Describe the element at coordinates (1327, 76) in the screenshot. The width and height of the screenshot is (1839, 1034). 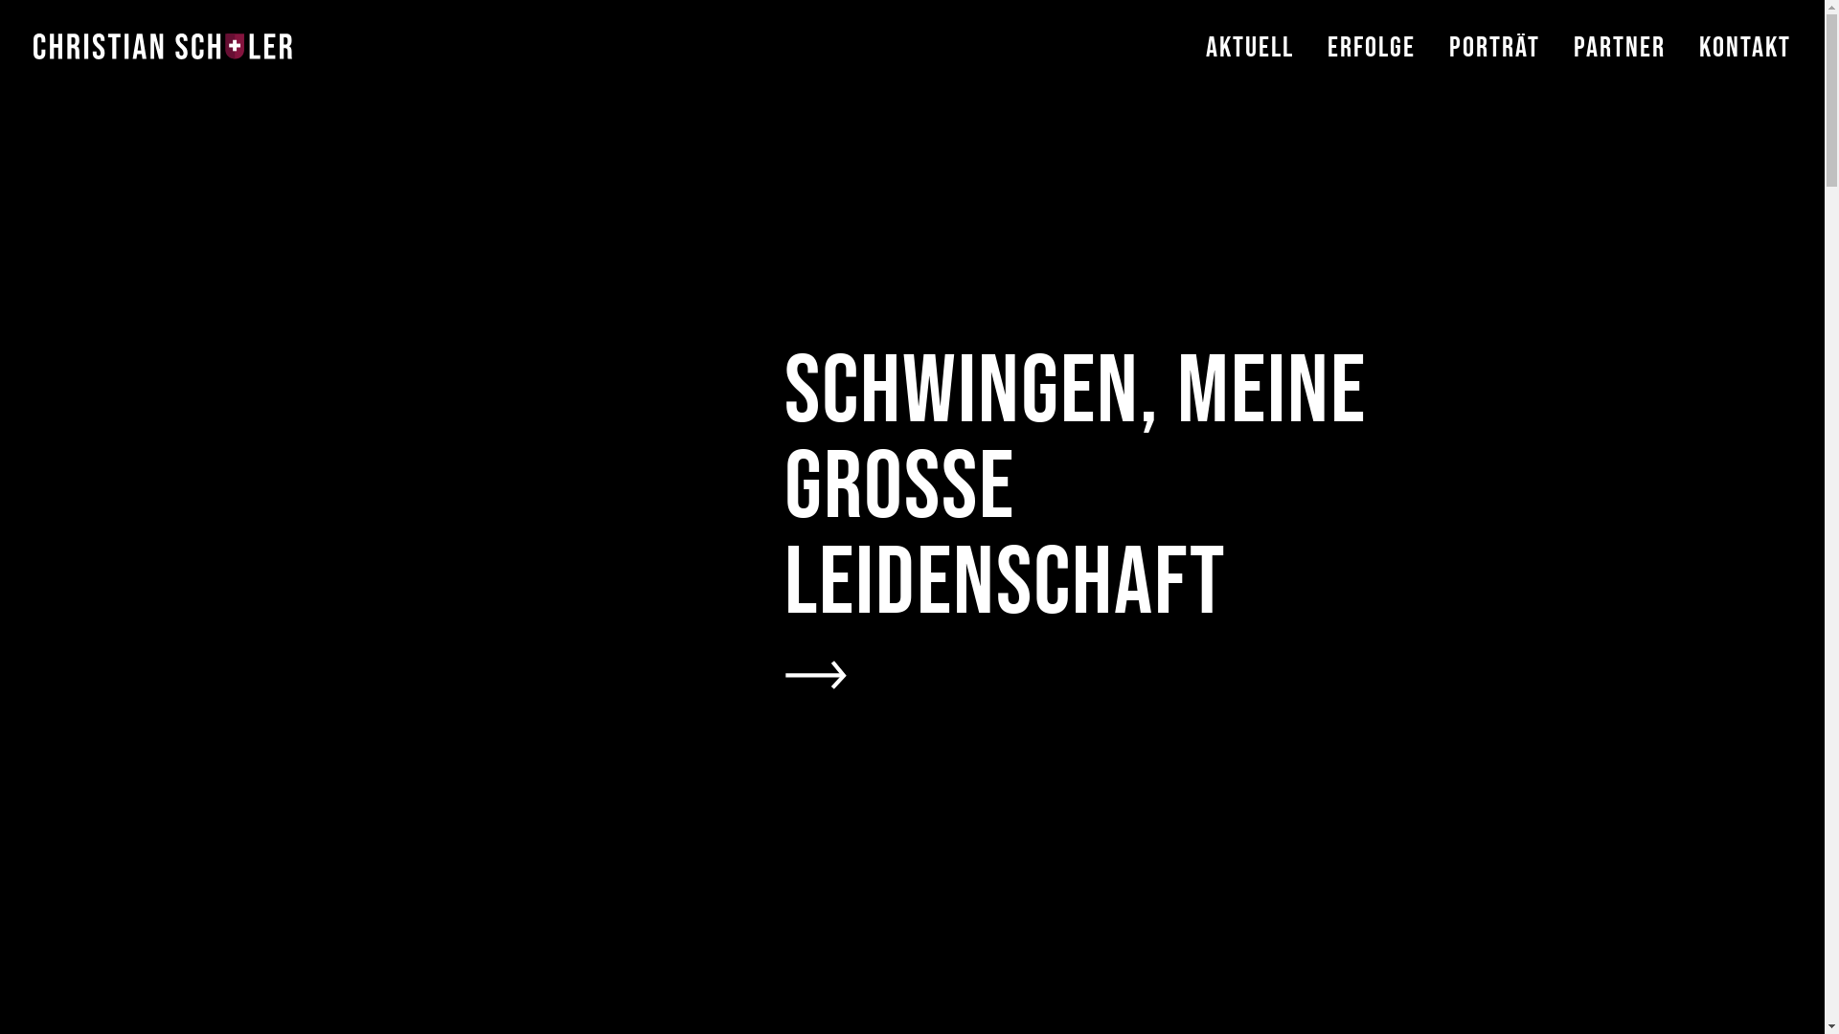
I see `'Erfolge'` at that location.